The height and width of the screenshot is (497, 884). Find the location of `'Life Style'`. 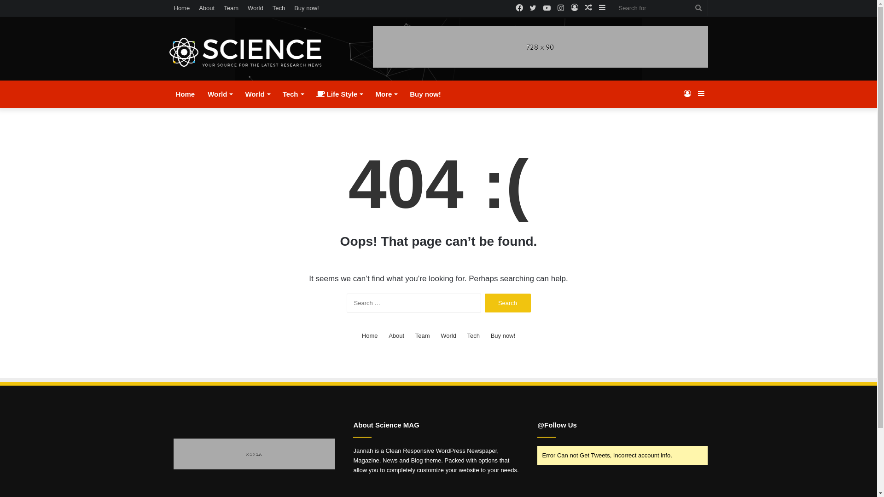

'Life Style' is located at coordinates (339, 94).